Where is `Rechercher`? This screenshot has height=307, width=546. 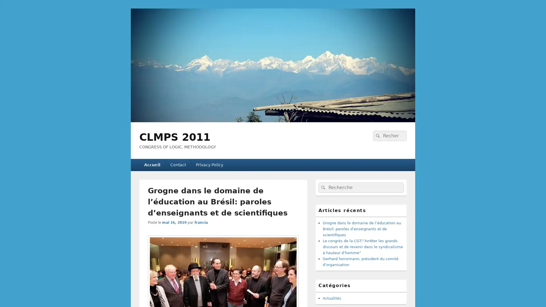
Rechercher is located at coordinates (322, 187).